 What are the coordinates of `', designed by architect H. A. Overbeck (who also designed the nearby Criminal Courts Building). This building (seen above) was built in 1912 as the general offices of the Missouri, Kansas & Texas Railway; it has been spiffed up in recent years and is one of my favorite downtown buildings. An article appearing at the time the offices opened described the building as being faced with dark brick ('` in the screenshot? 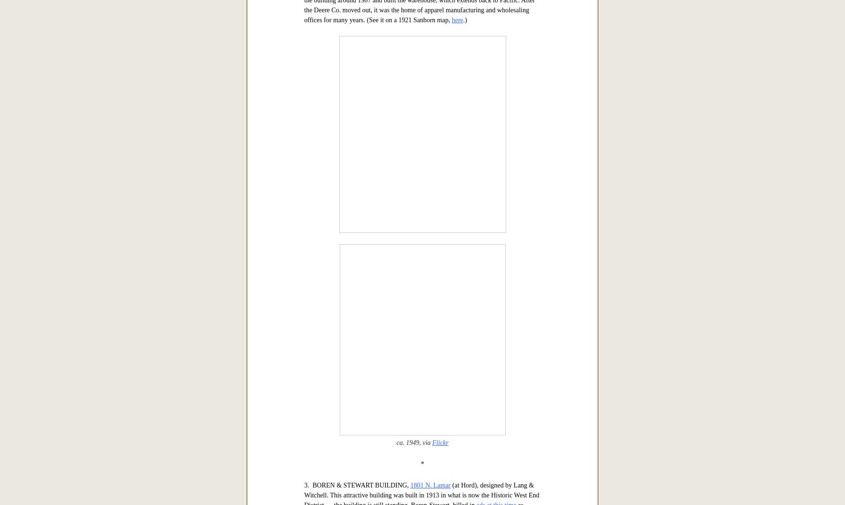 It's located at (420, 119).